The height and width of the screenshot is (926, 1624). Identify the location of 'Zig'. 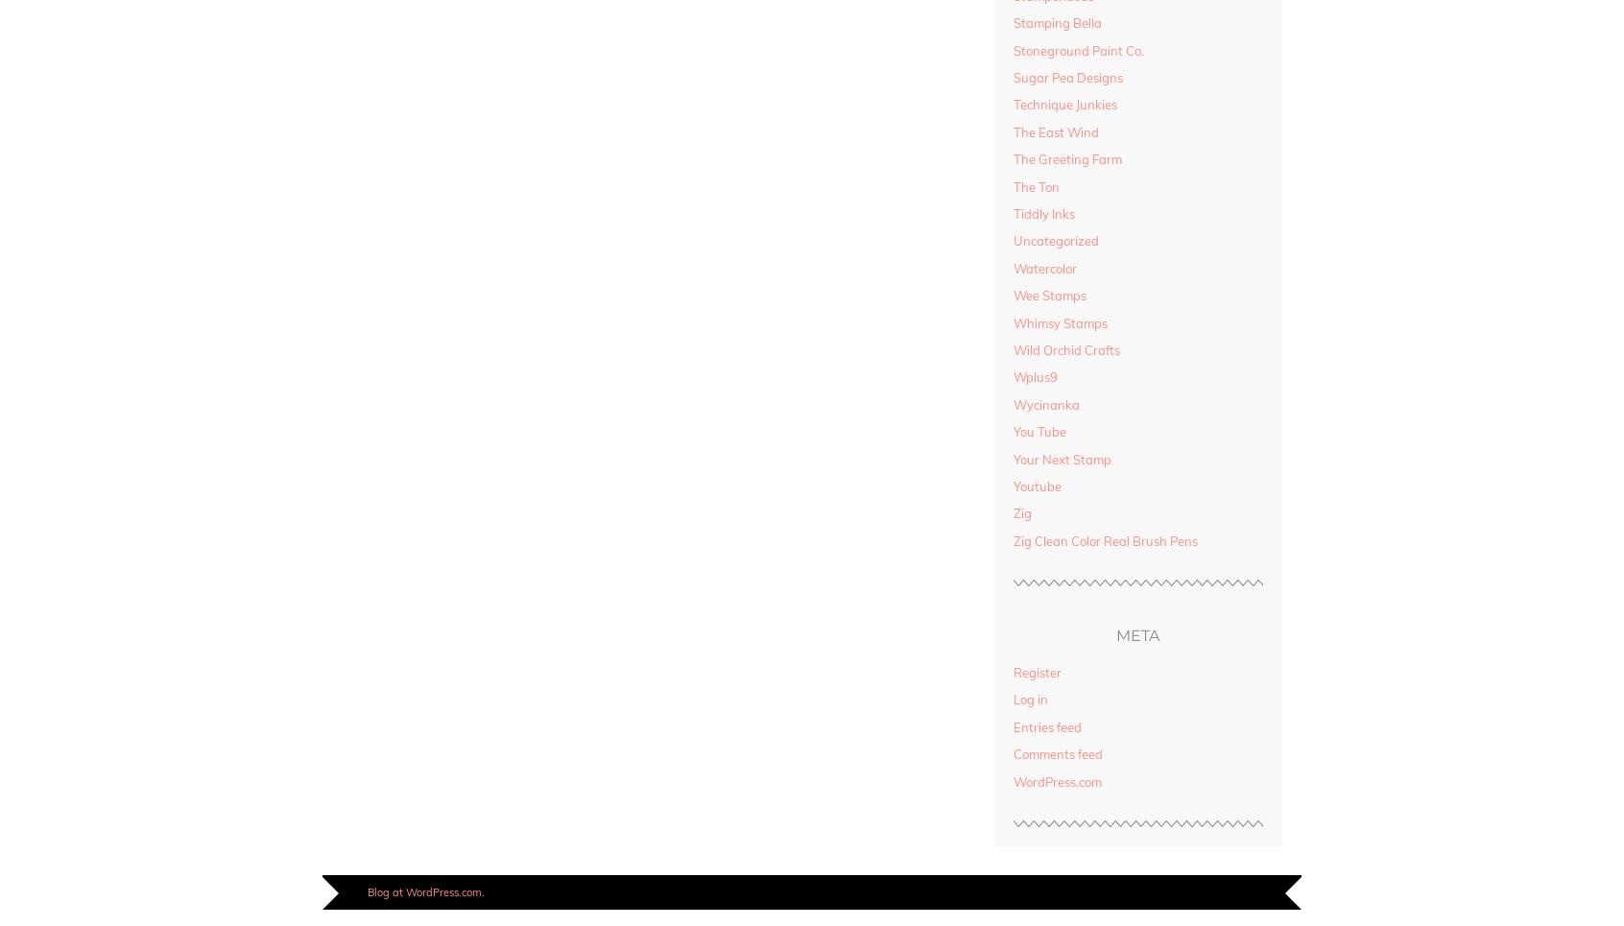
(1021, 511).